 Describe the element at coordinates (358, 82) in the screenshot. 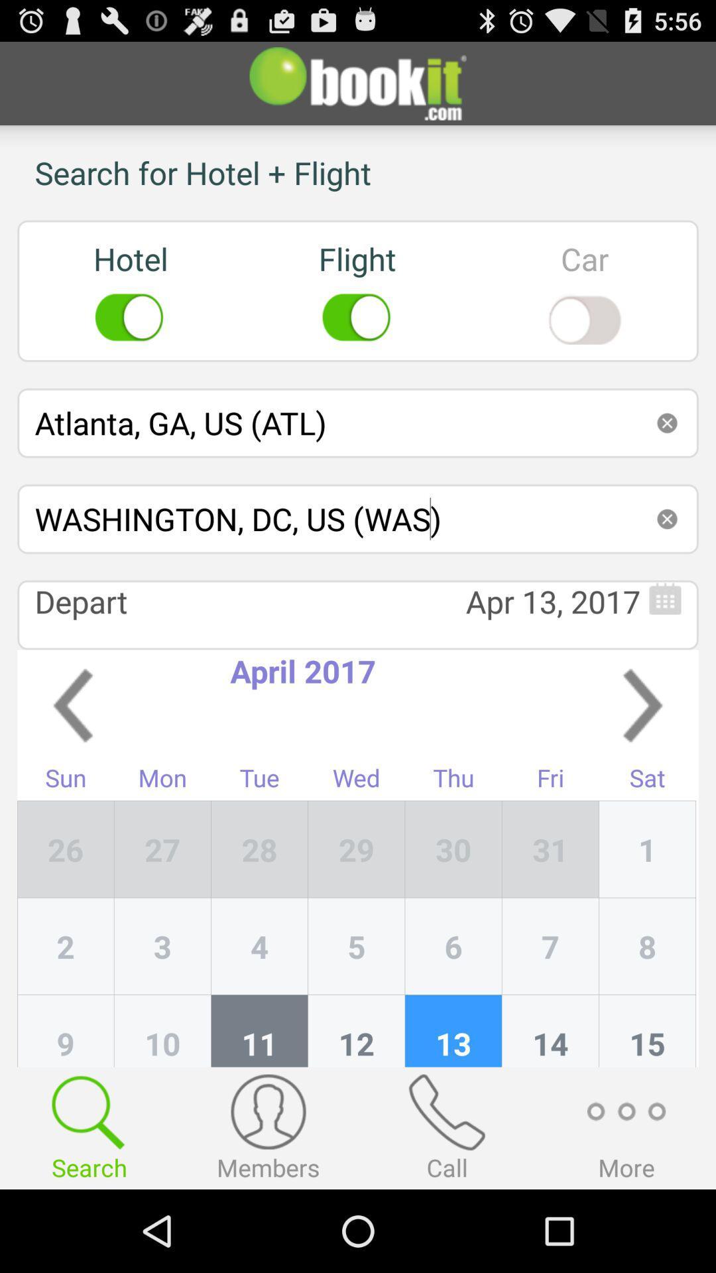

I see `item above search for hotel item` at that location.